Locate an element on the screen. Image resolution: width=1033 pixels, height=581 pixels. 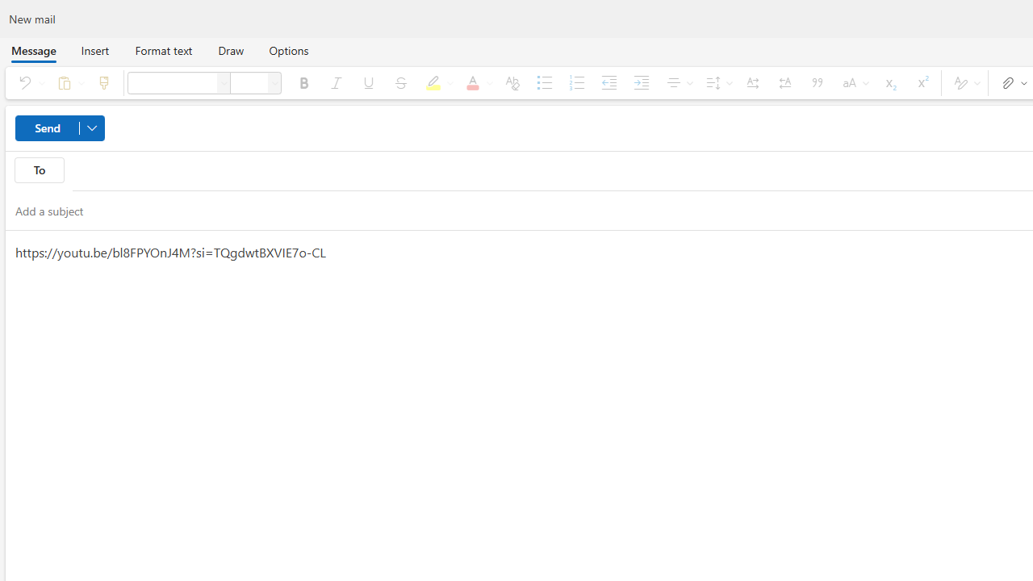
'Change case' is located at coordinates (852, 82).